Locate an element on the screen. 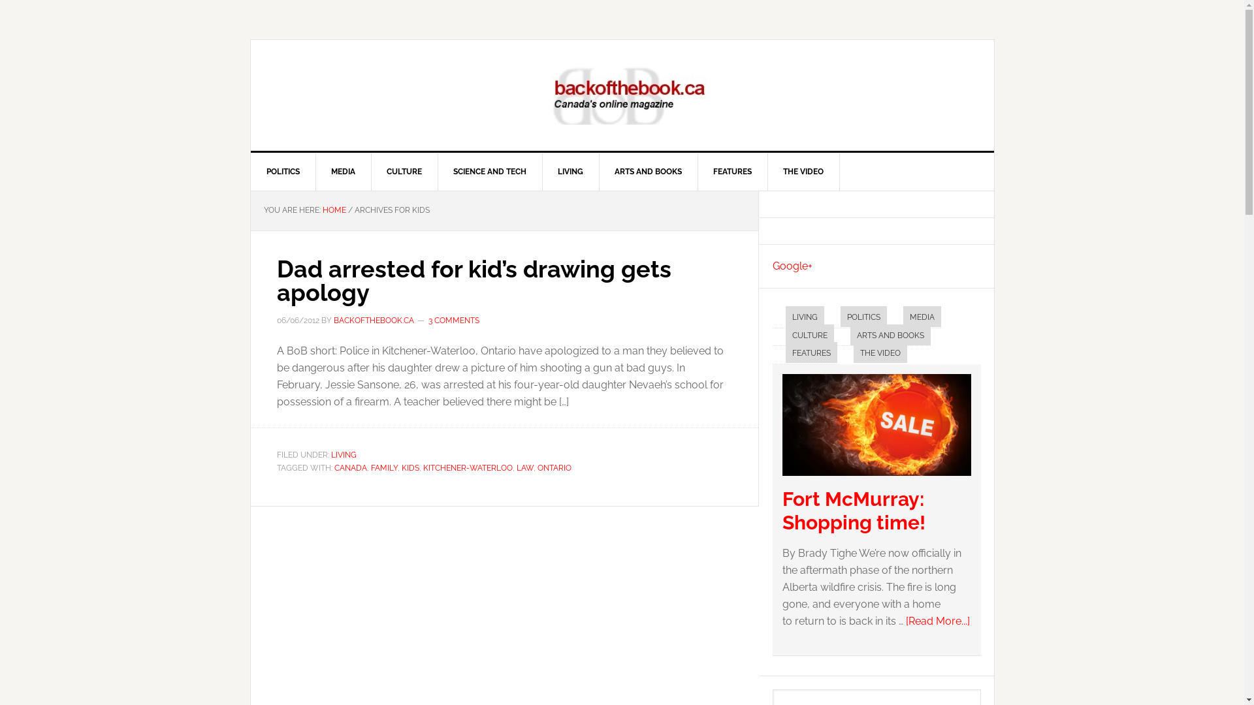  'KIDS' is located at coordinates (409, 467).